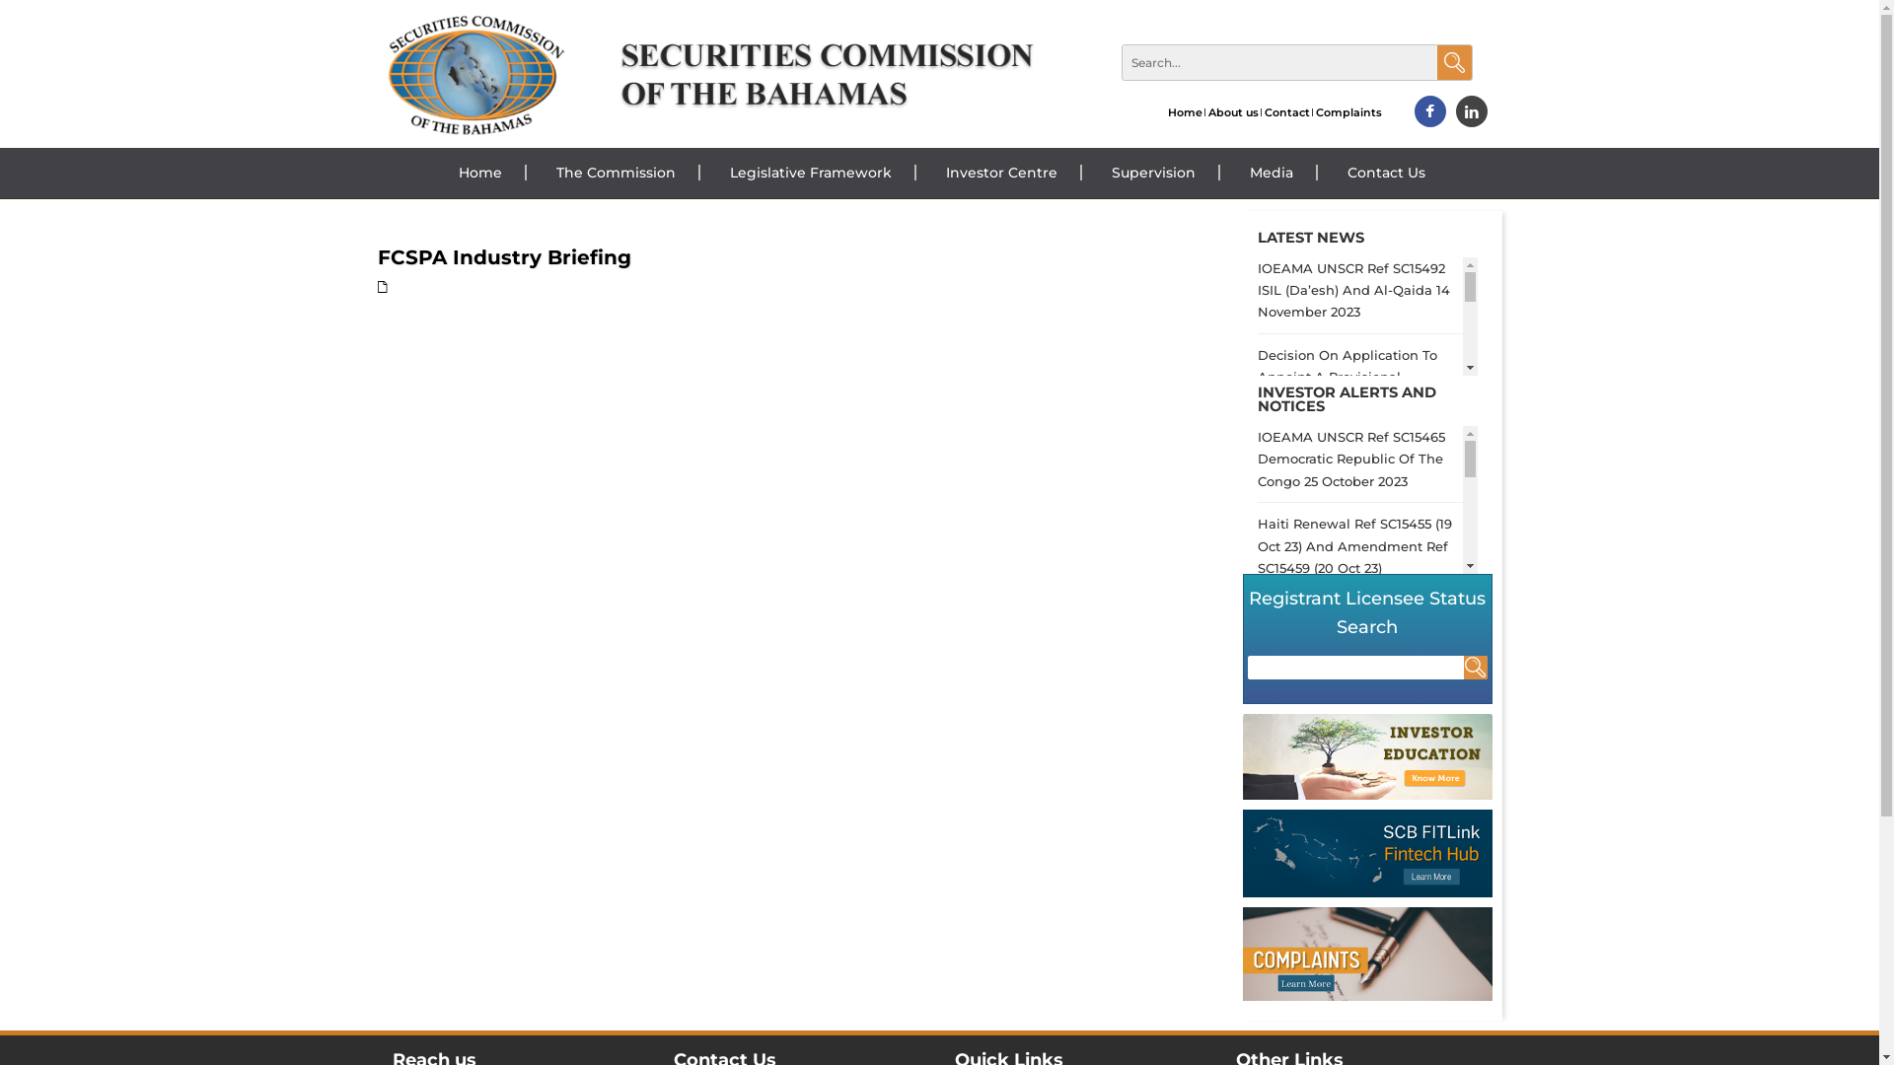  What do you see at coordinates (1346, 399) in the screenshot?
I see `'INVESTOR ALERTS AND NOTICES'` at bounding box center [1346, 399].